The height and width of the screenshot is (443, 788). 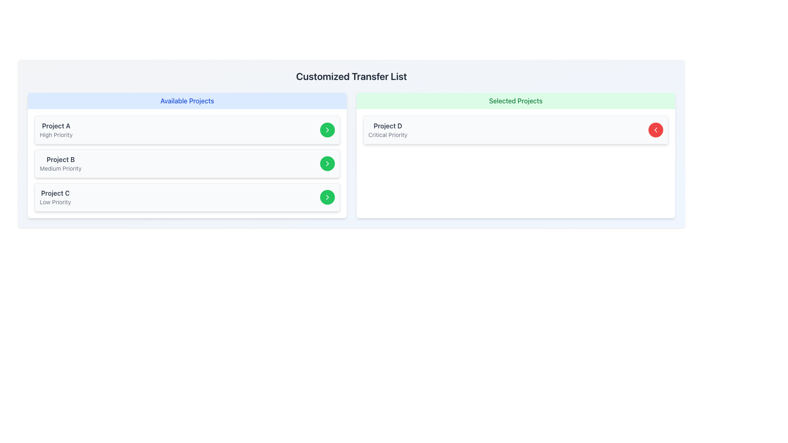 What do you see at coordinates (55, 193) in the screenshot?
I see `the 'Project C' text label element in the 'Available Projects' section for further interaction` at bounding box center [55, 193].